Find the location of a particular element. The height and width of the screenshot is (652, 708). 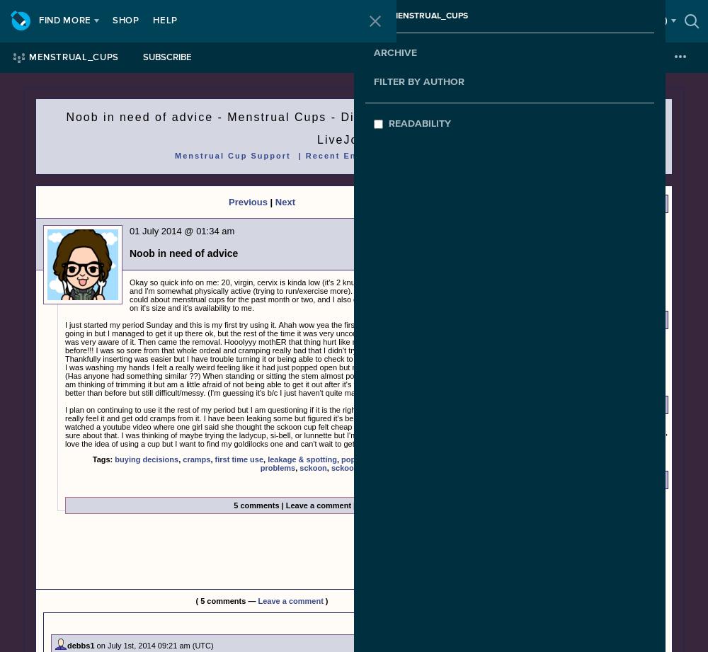

'dry run' is located at coordinates (528, 600).